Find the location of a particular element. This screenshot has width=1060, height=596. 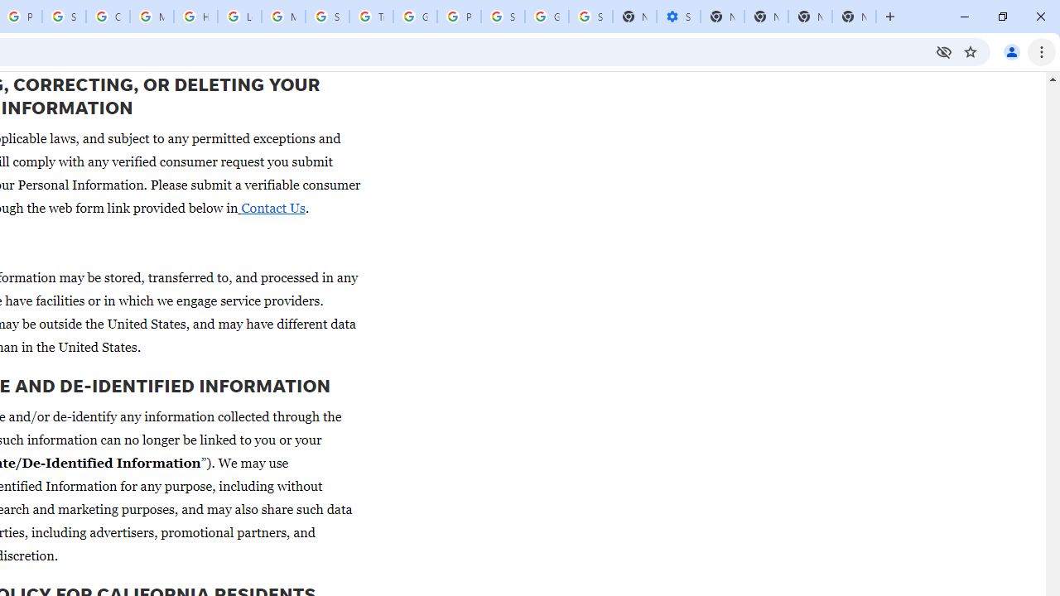

'Trusted Information and Content - Google Safety Center' is located at coordinates (370, 17).